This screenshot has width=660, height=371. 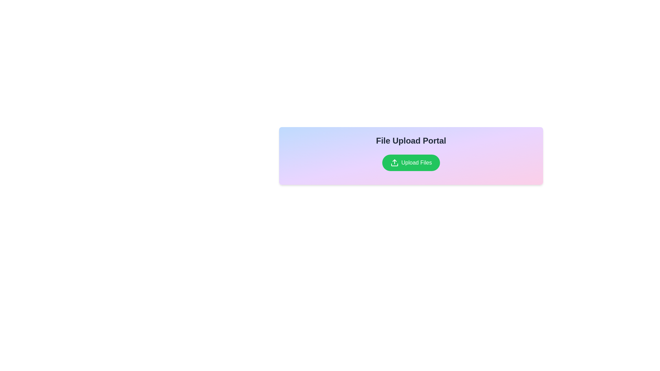 What do you see at coordinates (394, 165) in the screenshot?
I see `the base of the upload icon, which serves a decorative or structural purpose in the upload action` at bounding box center [394, 165].